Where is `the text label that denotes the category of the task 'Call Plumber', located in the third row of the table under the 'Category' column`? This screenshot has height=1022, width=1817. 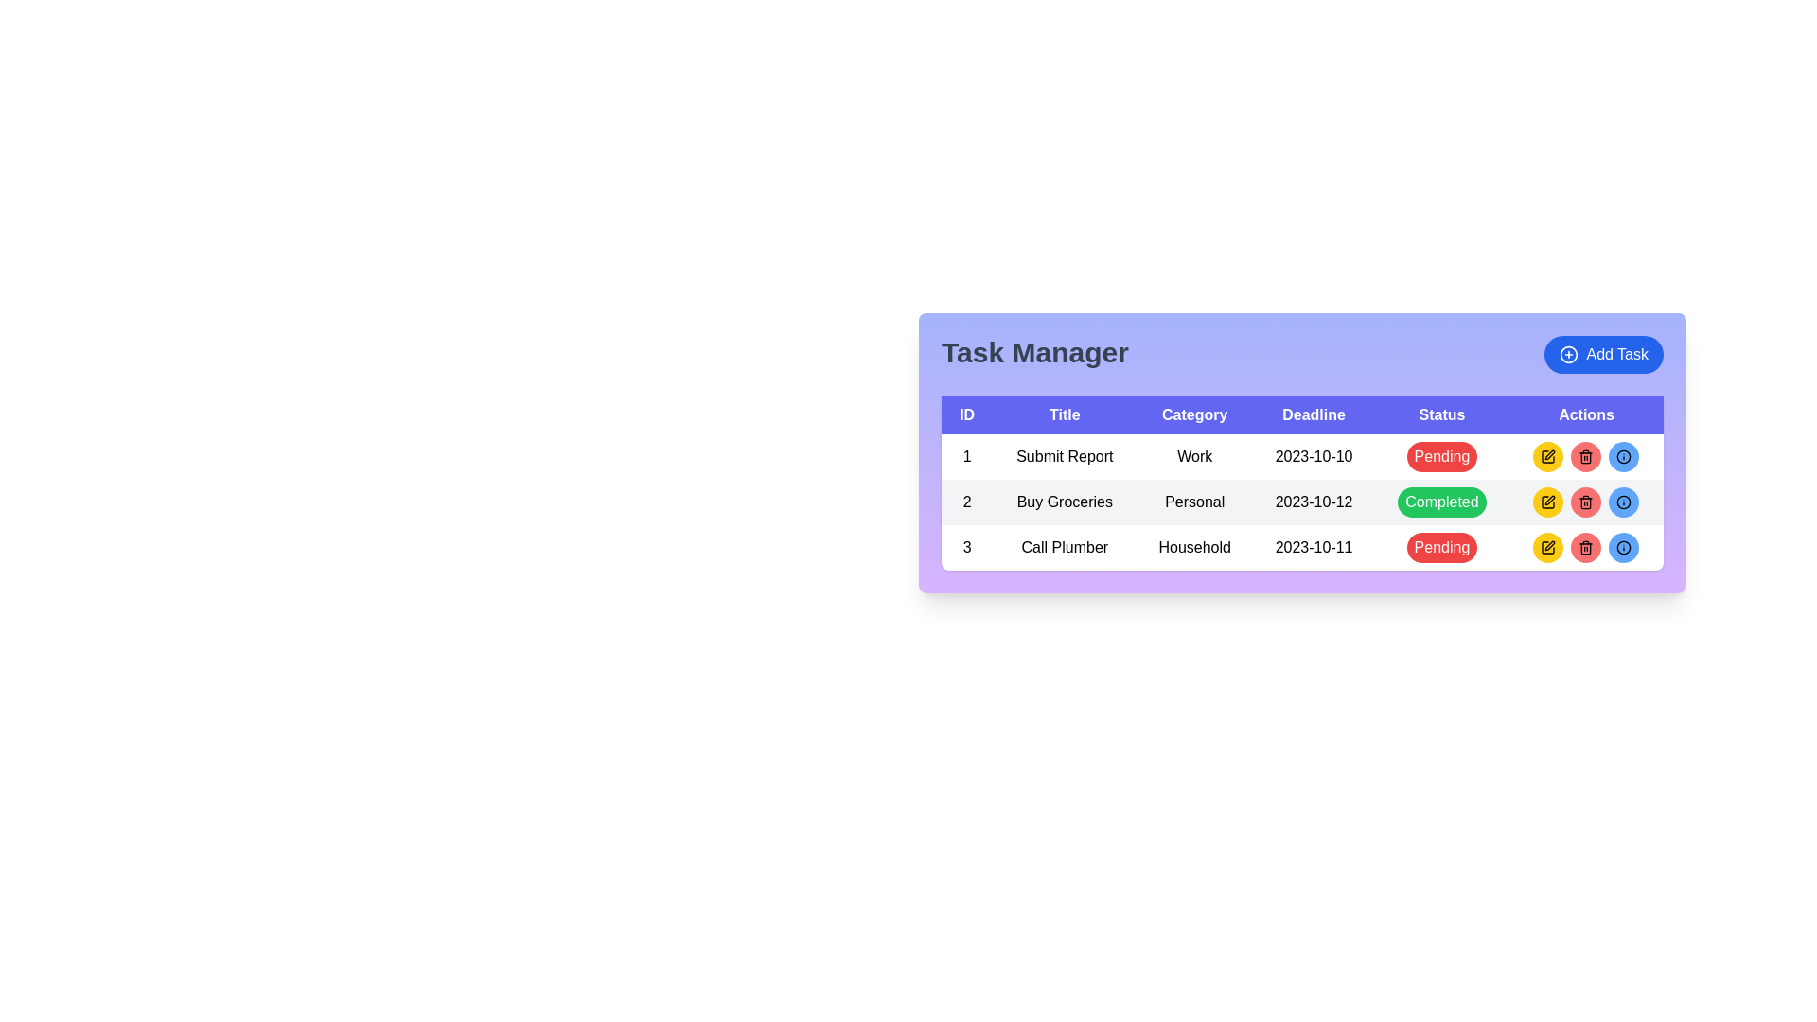
the text label that denotes the category of the task 'Call Plumber', located in the third row of the table under the 'Category' column is located at coordinates (1193, 547).